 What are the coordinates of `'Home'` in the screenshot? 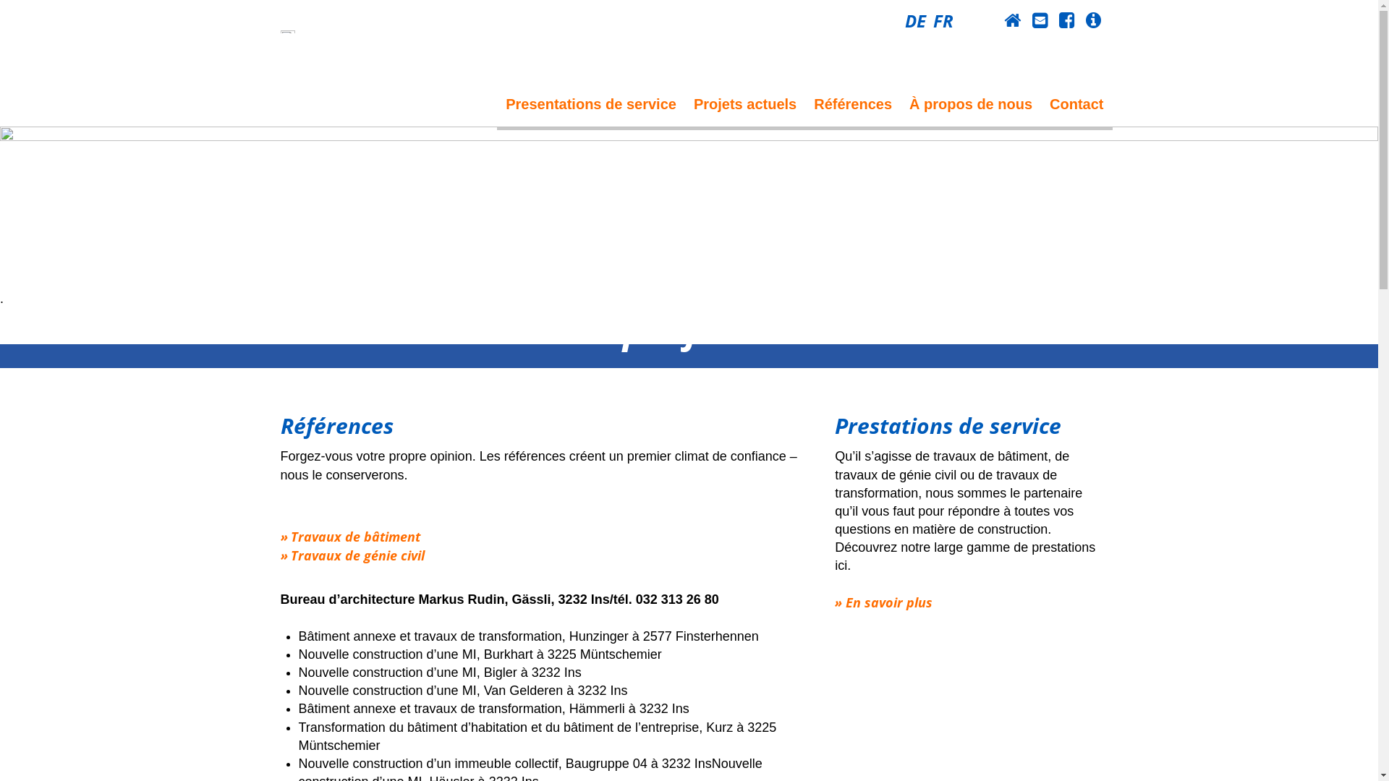 It's located at (998, 20).